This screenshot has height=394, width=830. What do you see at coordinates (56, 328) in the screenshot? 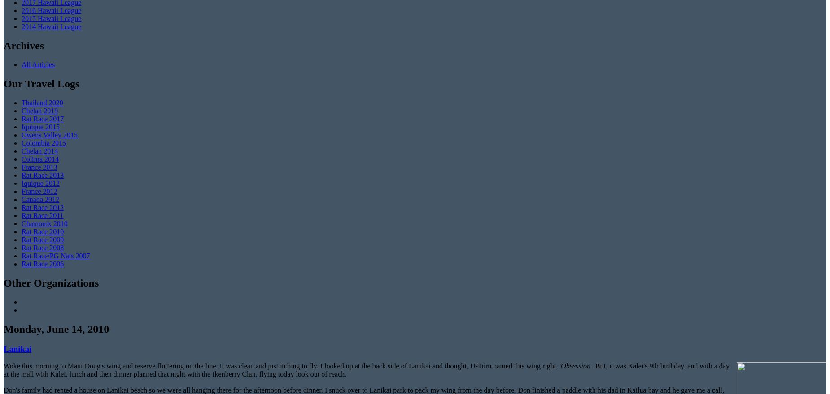
I see `'Monday, June 14, 2010'` at bounding box center [56, 328].